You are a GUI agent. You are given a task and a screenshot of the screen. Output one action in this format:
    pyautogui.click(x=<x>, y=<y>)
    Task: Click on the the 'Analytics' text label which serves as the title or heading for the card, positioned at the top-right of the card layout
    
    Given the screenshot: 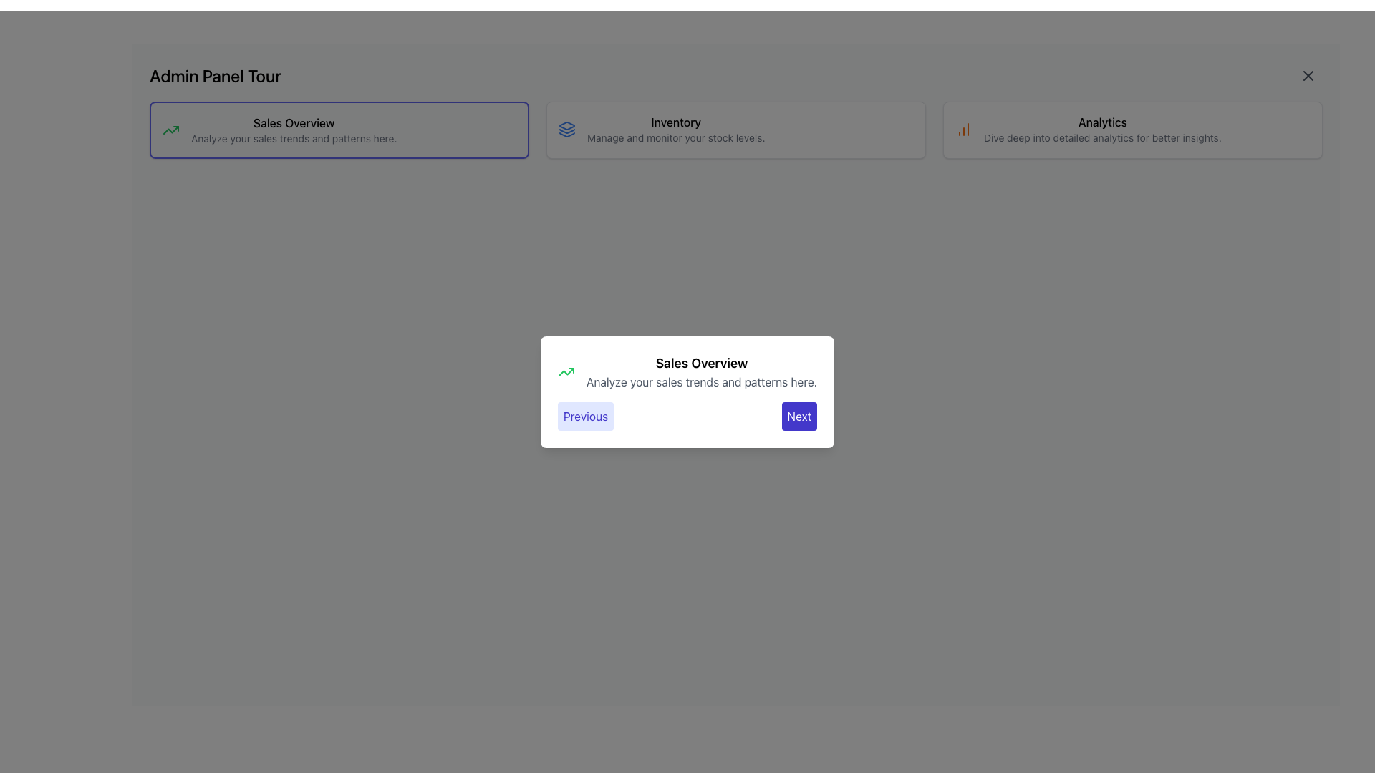 What is the action you would take?
    pyautogui.click(x=1101, y=121)
    